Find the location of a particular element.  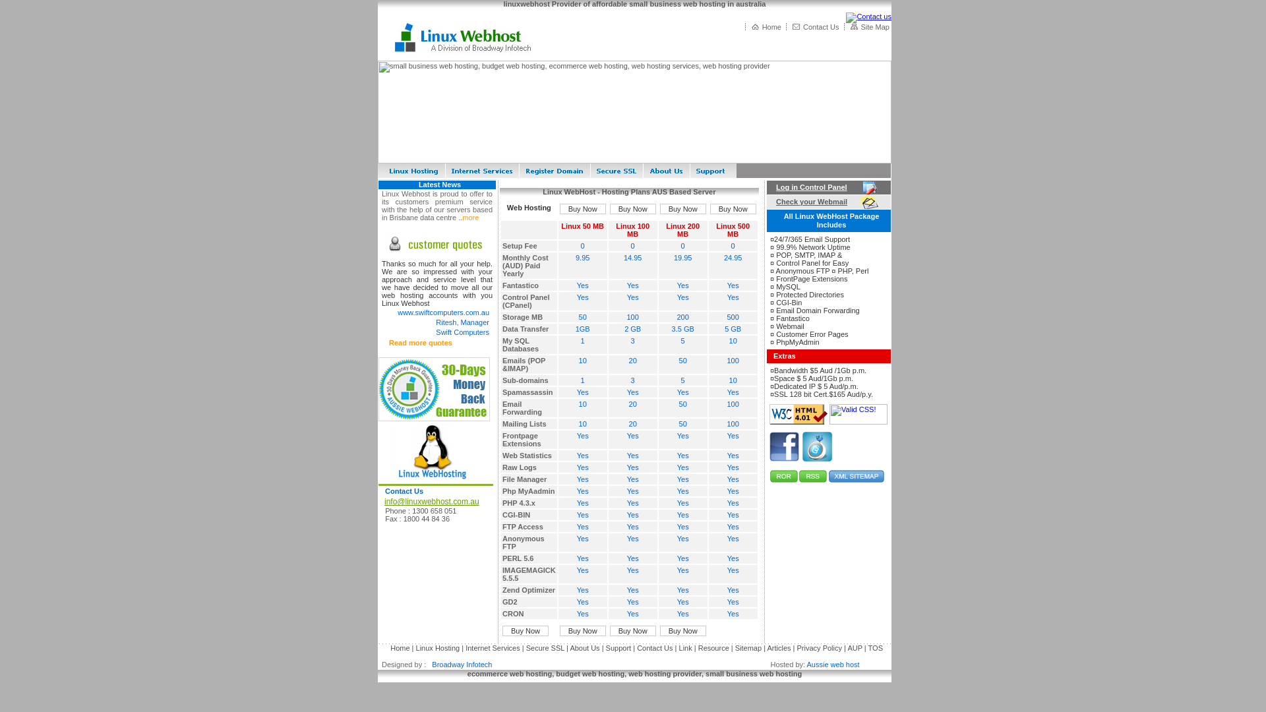

'Privacy Policy' is located at coordinates (819, 647).